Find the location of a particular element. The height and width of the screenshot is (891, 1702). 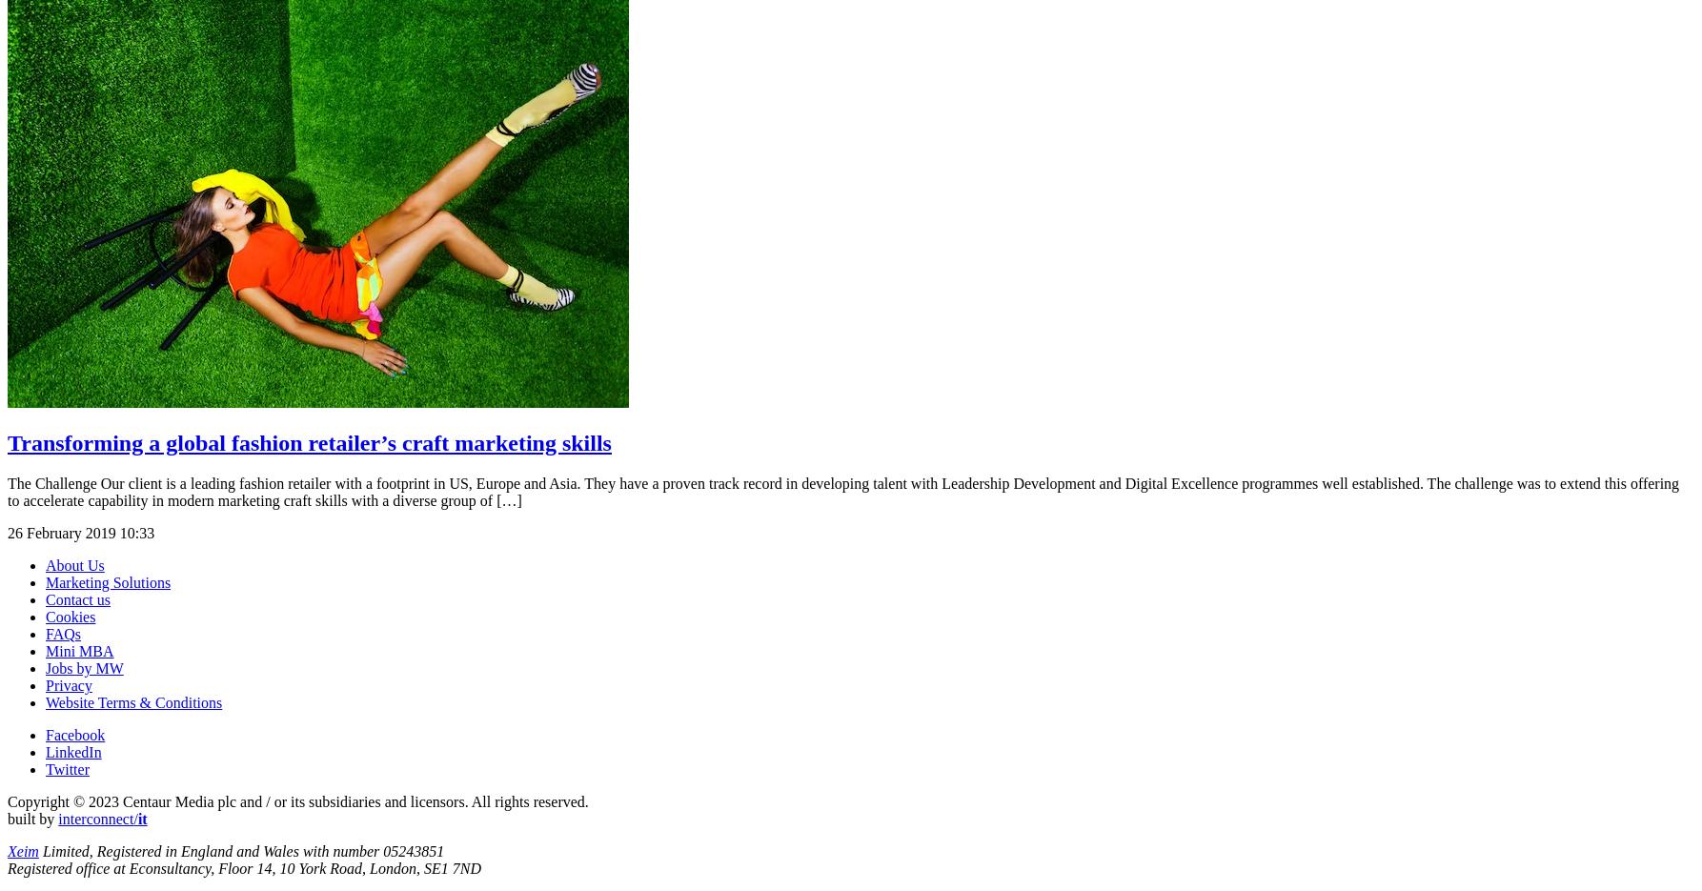

'it' is located at coordinates (141, 817).